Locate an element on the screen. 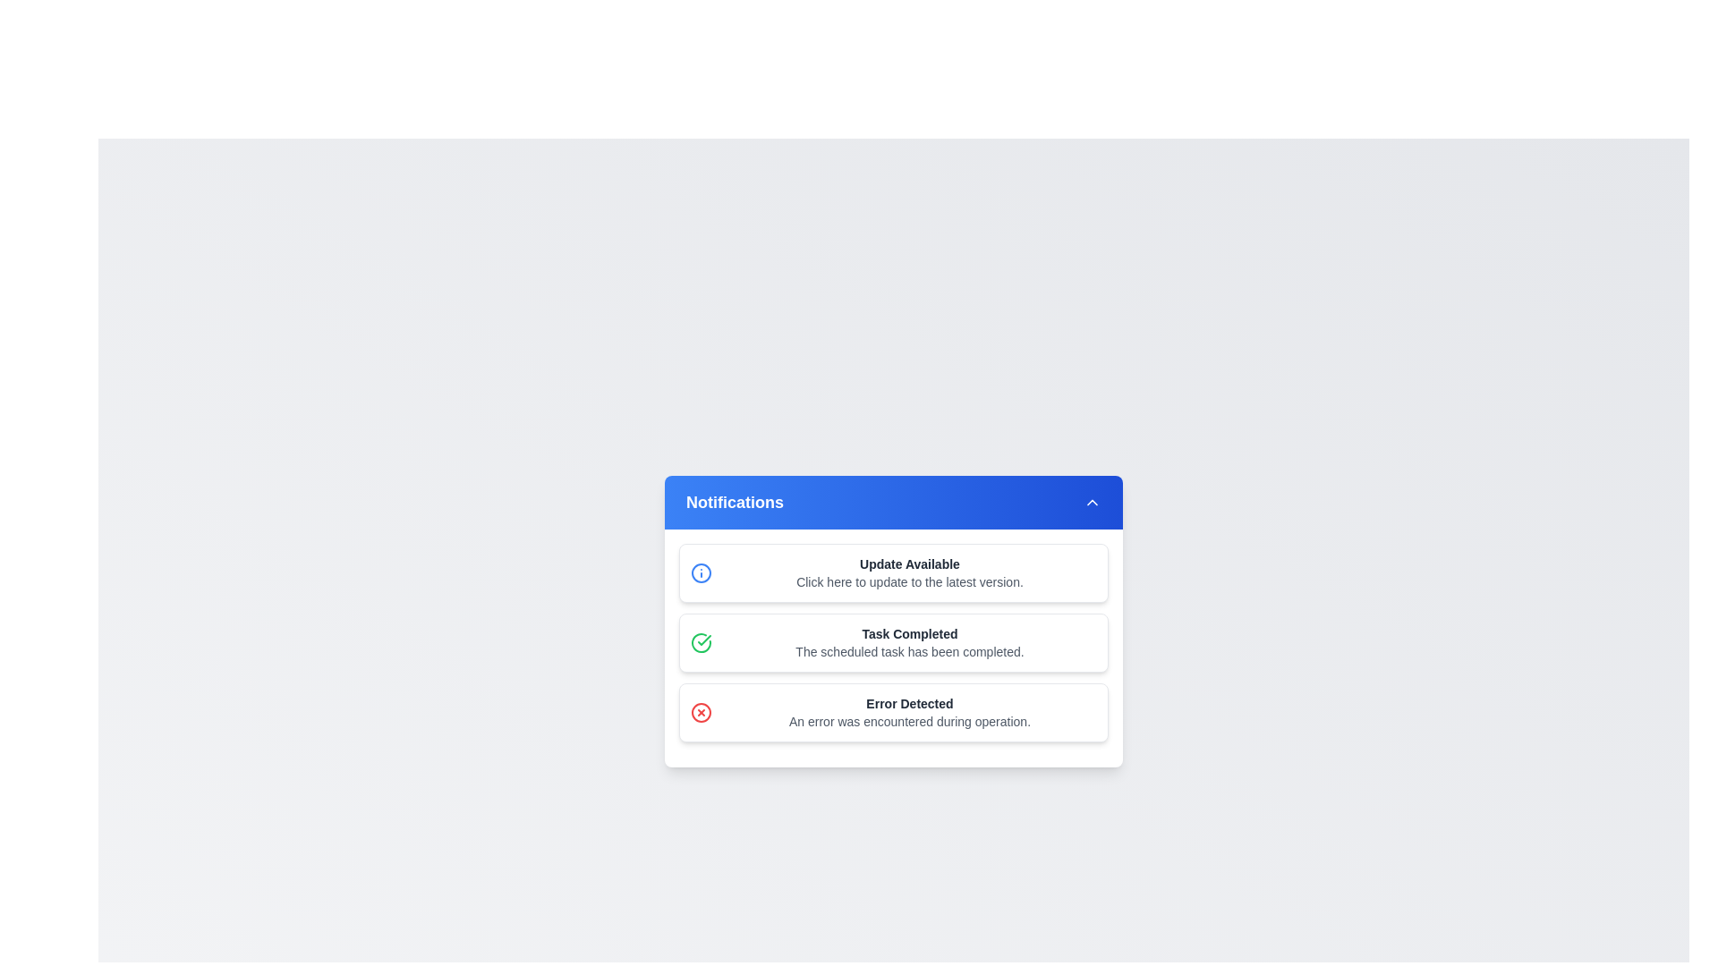 The width and height of the screenshot is (1718, 966). the circular blue icon with an embedded exclamation mark, located to the left of the 'Update Available' notification text in the first notification card is located at coordinates (700, 572).